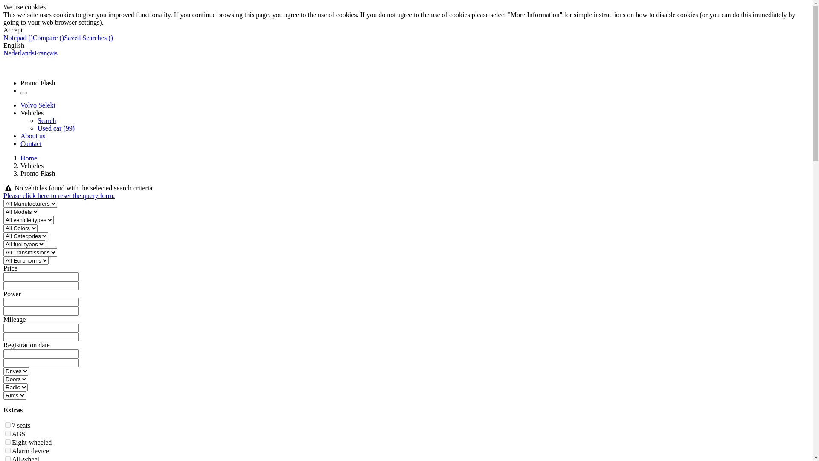 The image size is (819, 461). I want to click on 'Promo Flash', so click(37, 173).